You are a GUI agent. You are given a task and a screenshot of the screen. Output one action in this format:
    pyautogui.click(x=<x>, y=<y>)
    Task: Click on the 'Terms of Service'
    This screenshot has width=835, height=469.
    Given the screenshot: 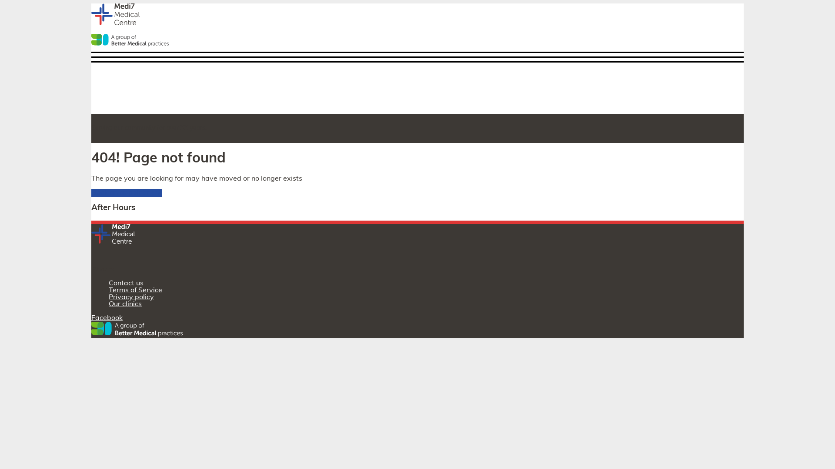 What is the action you would take?
    pyautogui.click(x=108, y=290)
    